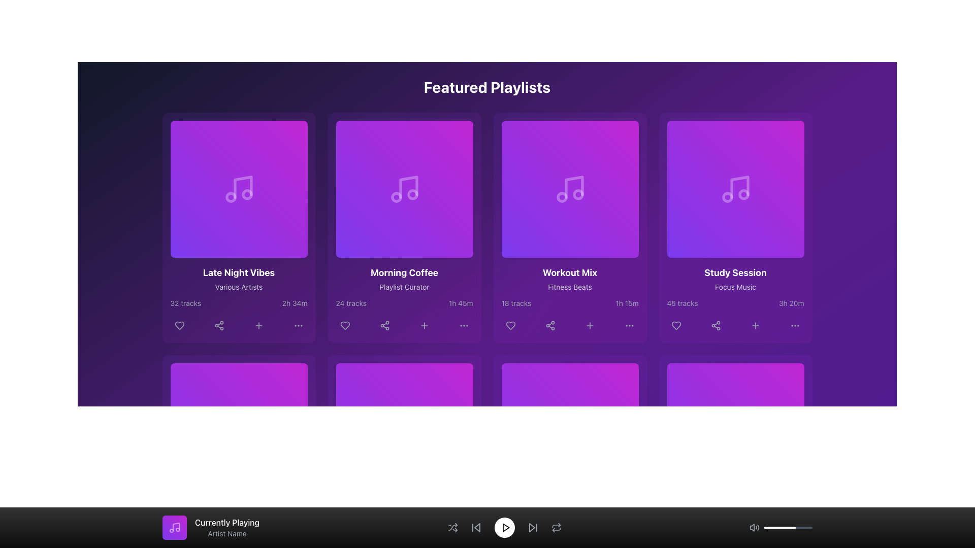 The image size is (975, 548). Describe the element at coordinates (755, 325) in the screenshot. I see `the plus icon button located at the bottom of the 'Study Session' playlist card` at that location.